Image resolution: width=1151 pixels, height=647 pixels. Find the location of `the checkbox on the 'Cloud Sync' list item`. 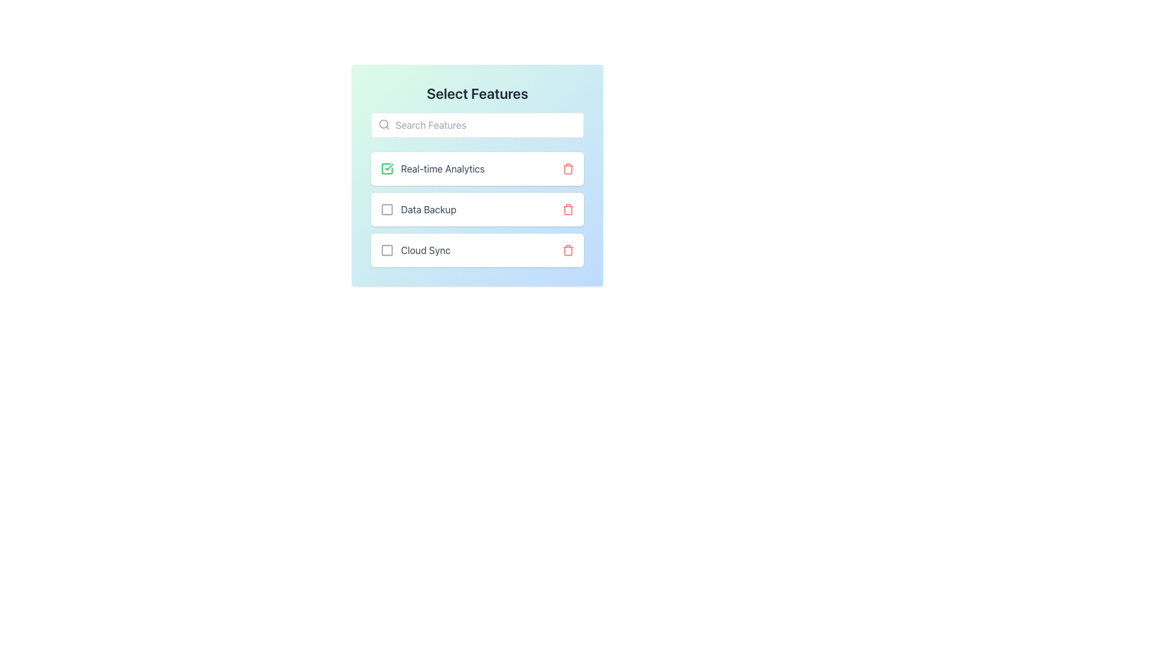

the checkbox on the 'Cloud Sync' list item is located at coordinates (477, 249).